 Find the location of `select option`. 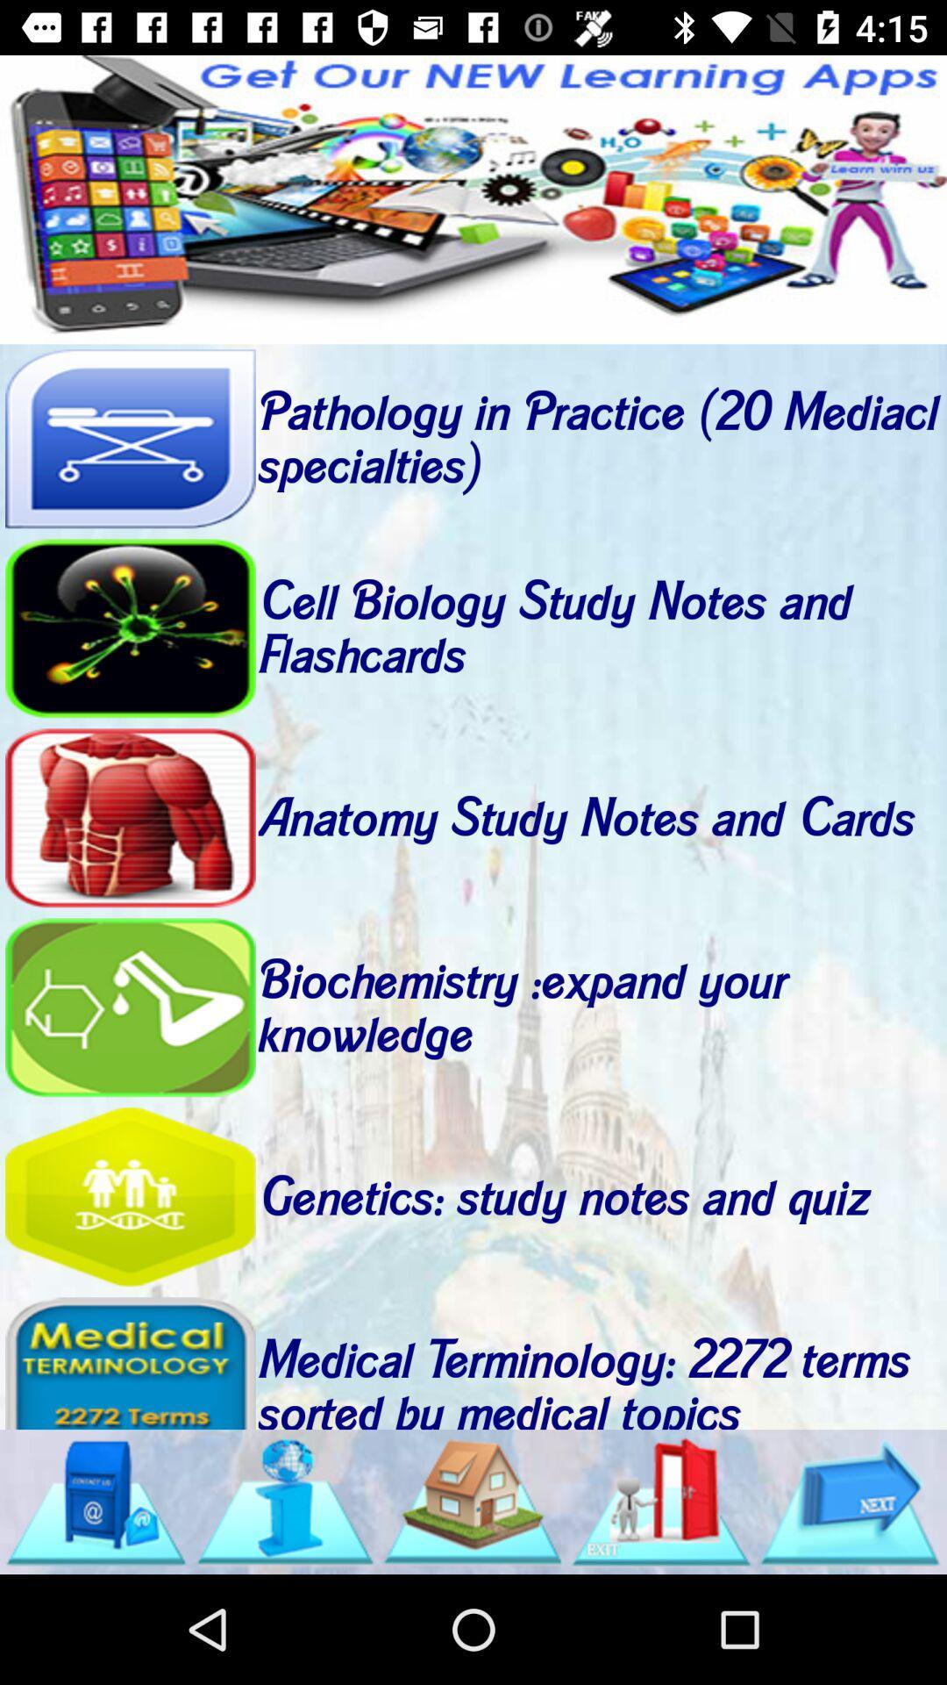

select option is located at coordinates (129, 628).